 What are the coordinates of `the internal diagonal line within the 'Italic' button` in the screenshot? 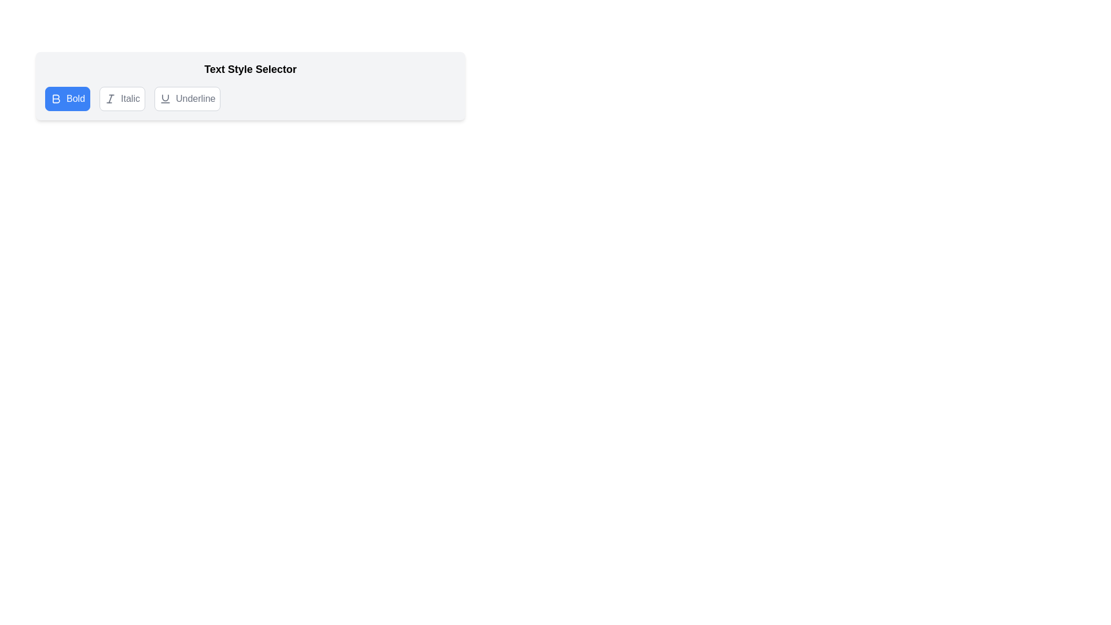 It's located at (111, 98).